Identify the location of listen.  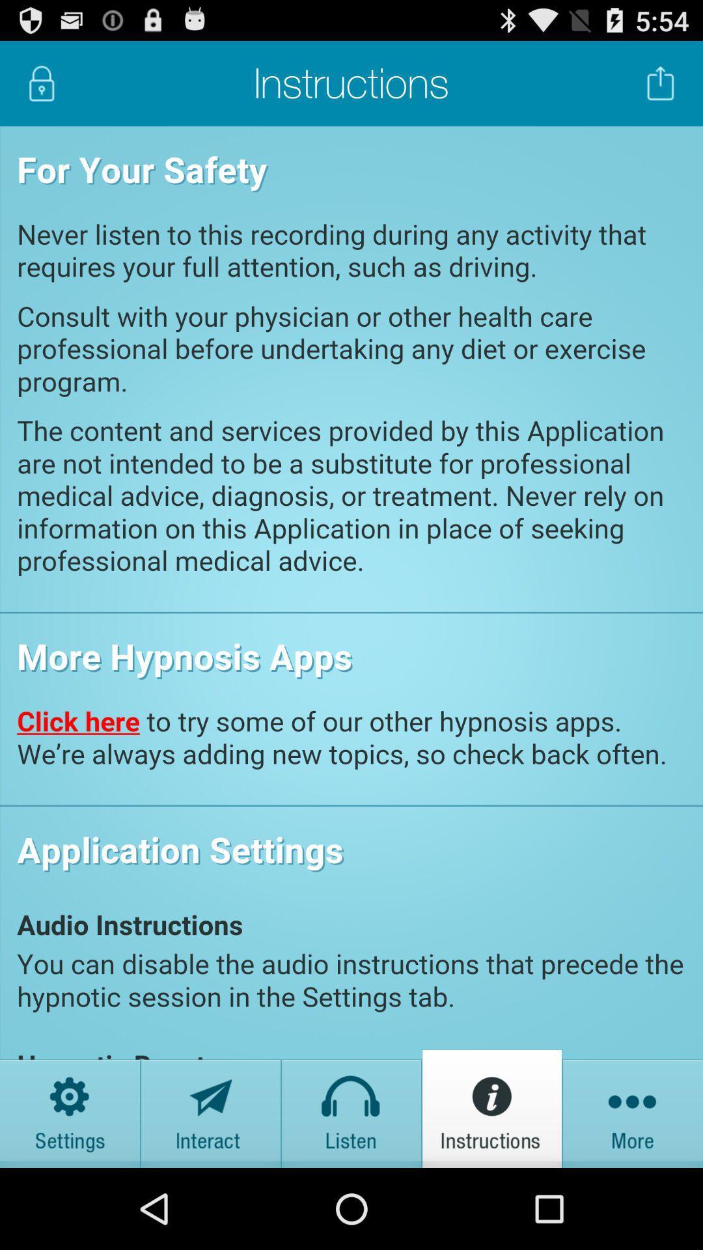
(351, 1107).